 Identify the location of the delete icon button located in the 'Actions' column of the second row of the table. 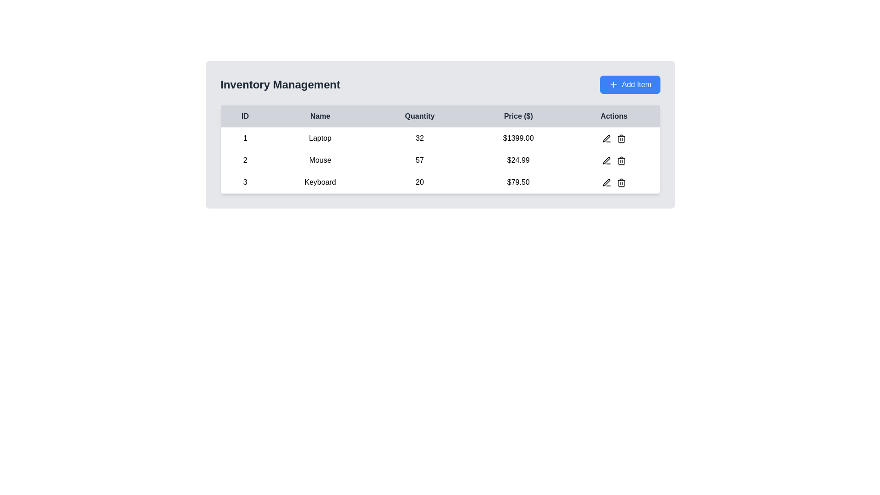
(621, 160).